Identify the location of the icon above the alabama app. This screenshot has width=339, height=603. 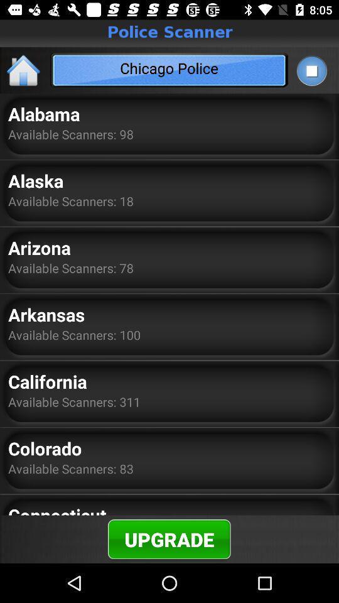
(24, 70).